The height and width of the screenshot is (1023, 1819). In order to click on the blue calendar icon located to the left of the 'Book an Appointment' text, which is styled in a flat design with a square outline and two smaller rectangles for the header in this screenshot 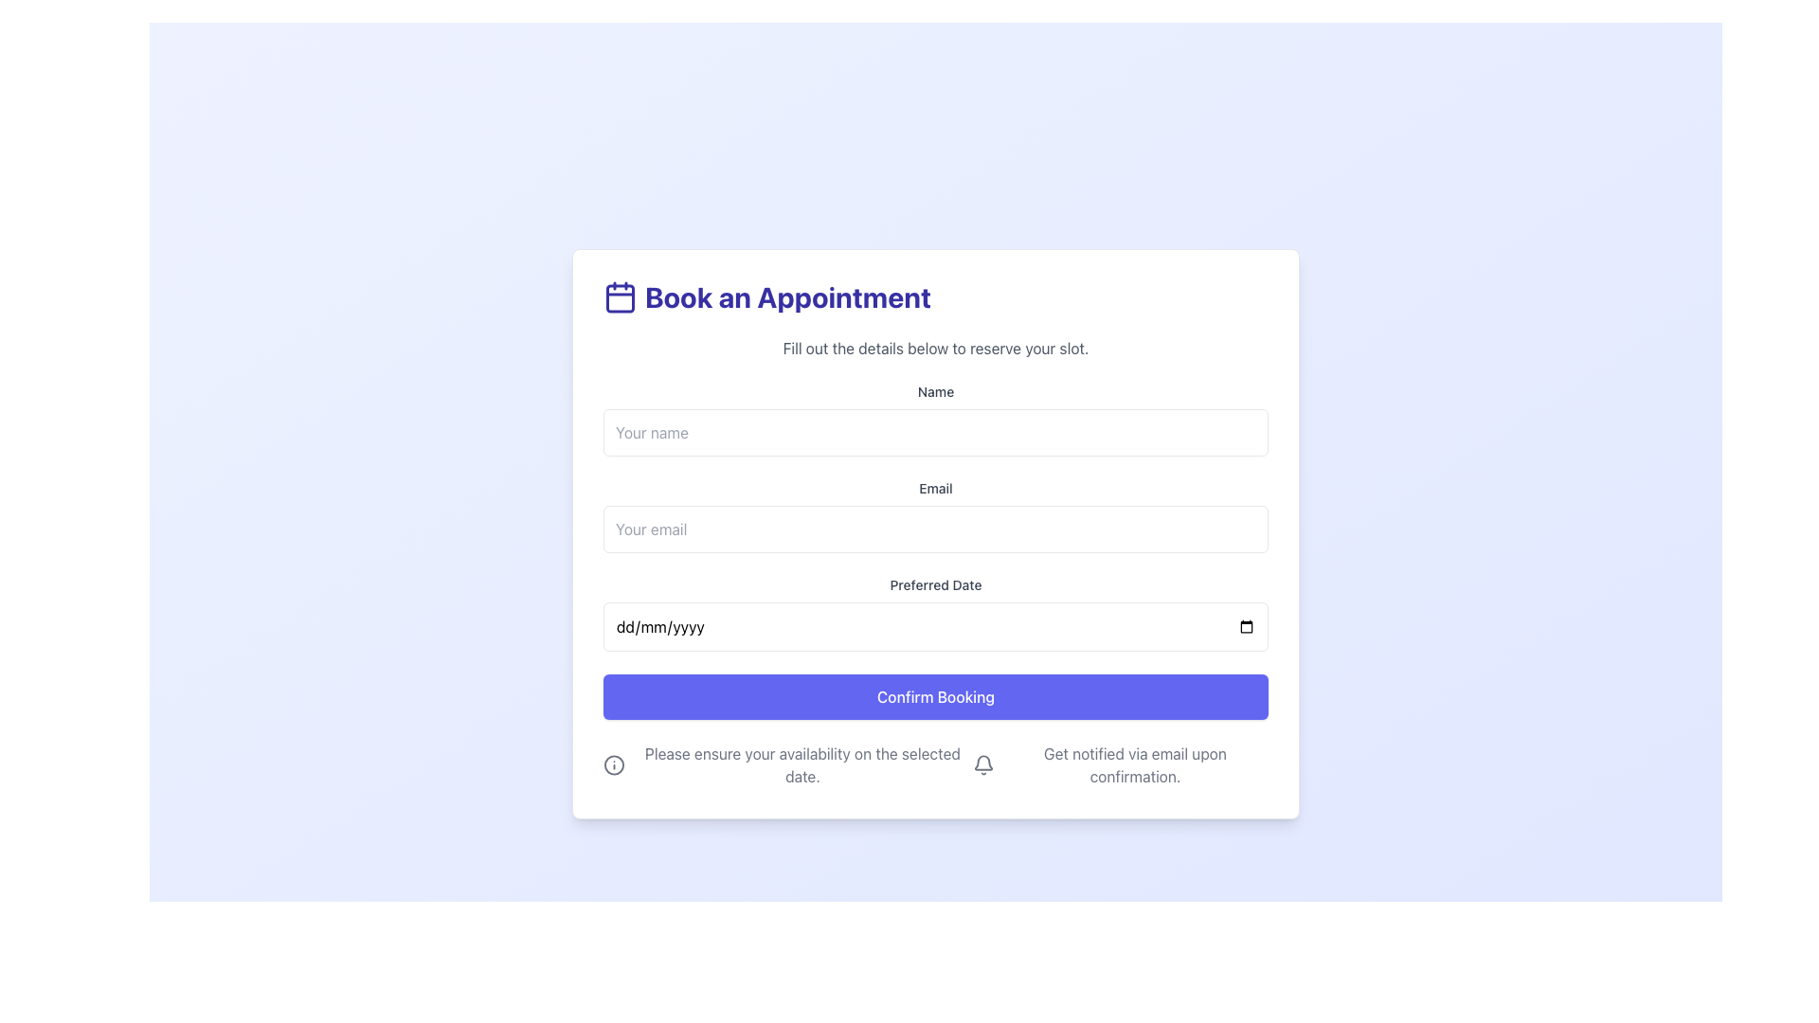, I will do `click(620, 296)`.